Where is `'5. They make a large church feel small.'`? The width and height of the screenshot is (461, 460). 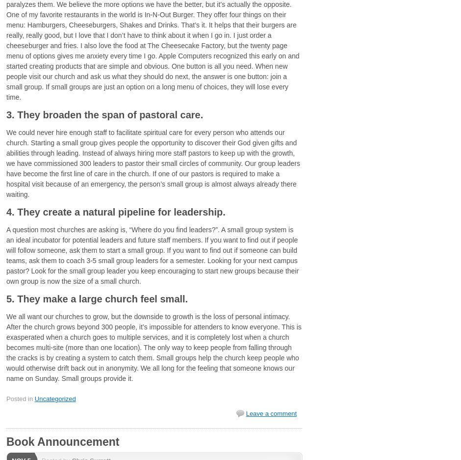 '5. They make a large church feel small.' is located at coordinates (96, 298).